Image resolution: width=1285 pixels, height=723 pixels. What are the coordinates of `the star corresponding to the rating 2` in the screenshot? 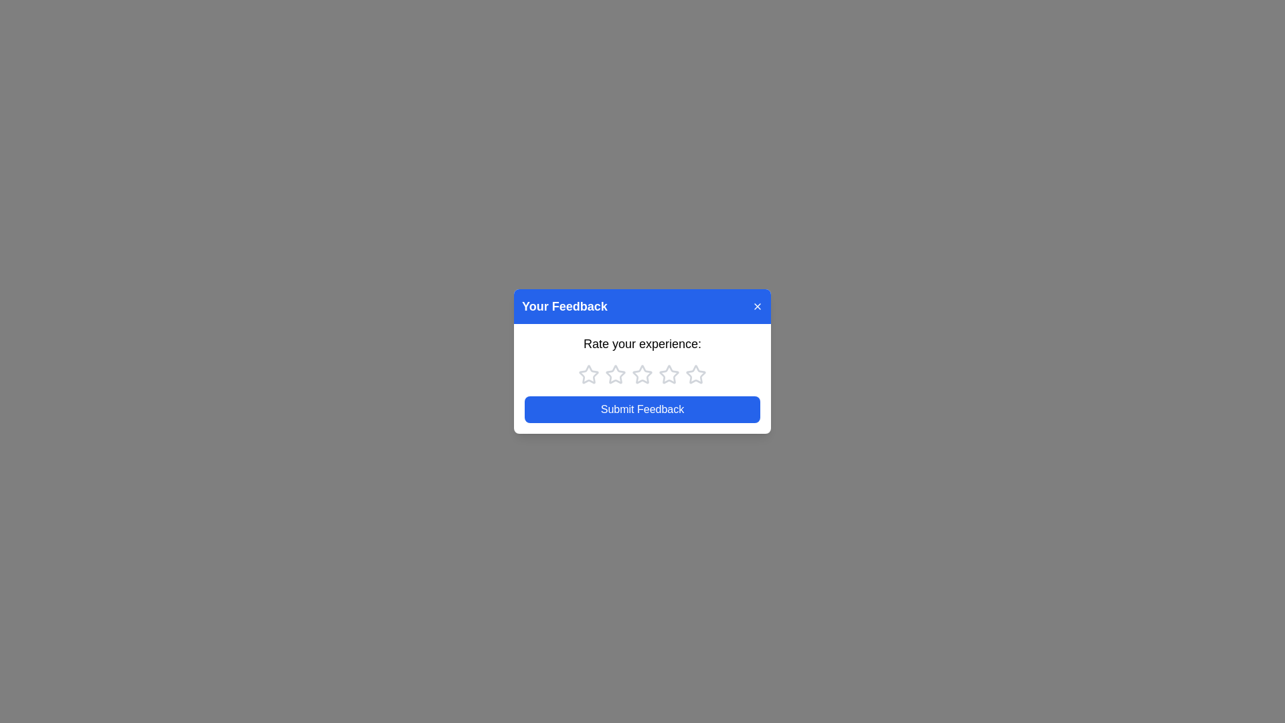 It's located at (615, 374).